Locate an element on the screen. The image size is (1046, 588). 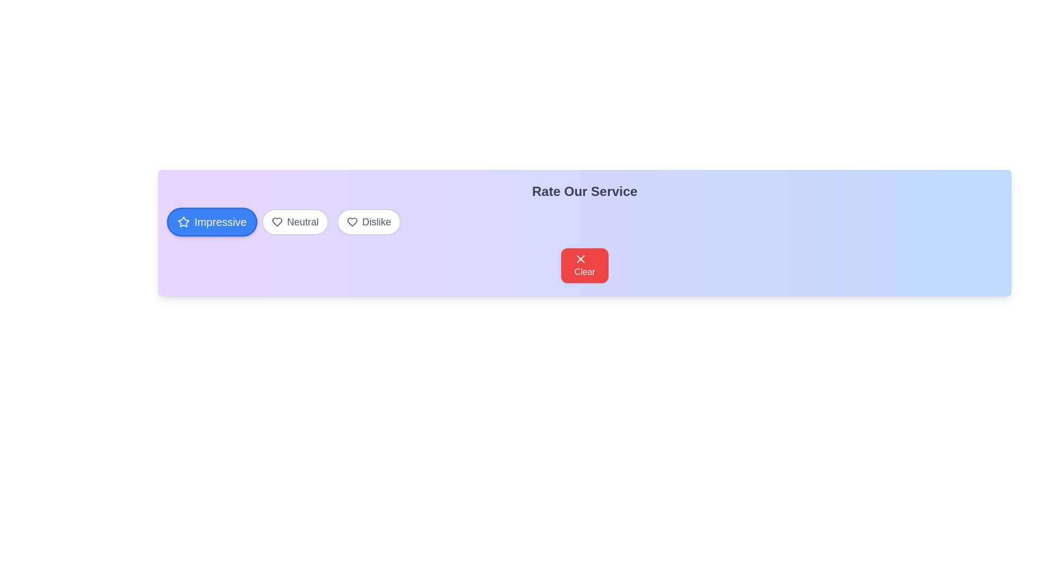
the rating option Impressive by clicking on its corresponding button is located at coordinates (212, 222).